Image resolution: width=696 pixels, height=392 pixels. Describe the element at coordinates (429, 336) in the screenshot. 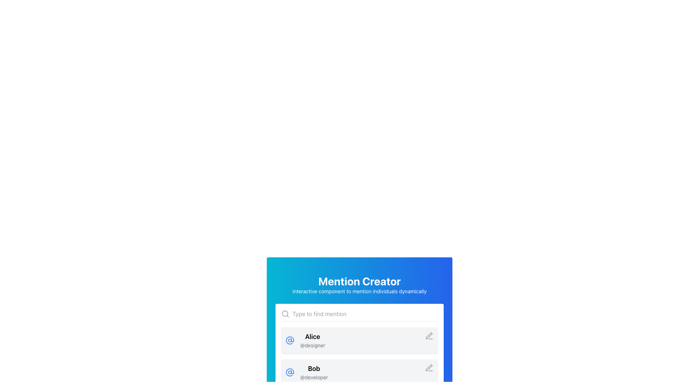

I see `the small pencil icon button located in the right section of the row labeled 'Bob' to initiate editing` at that location.